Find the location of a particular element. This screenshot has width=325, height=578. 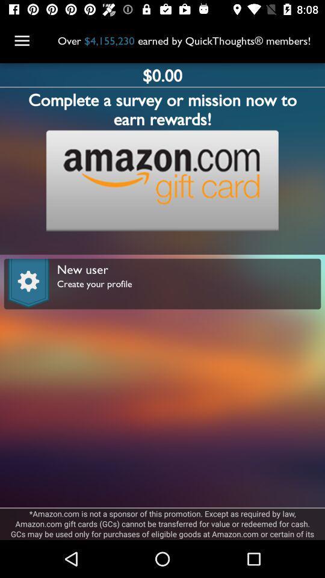

advertisement is located at coordinates (162, 180).